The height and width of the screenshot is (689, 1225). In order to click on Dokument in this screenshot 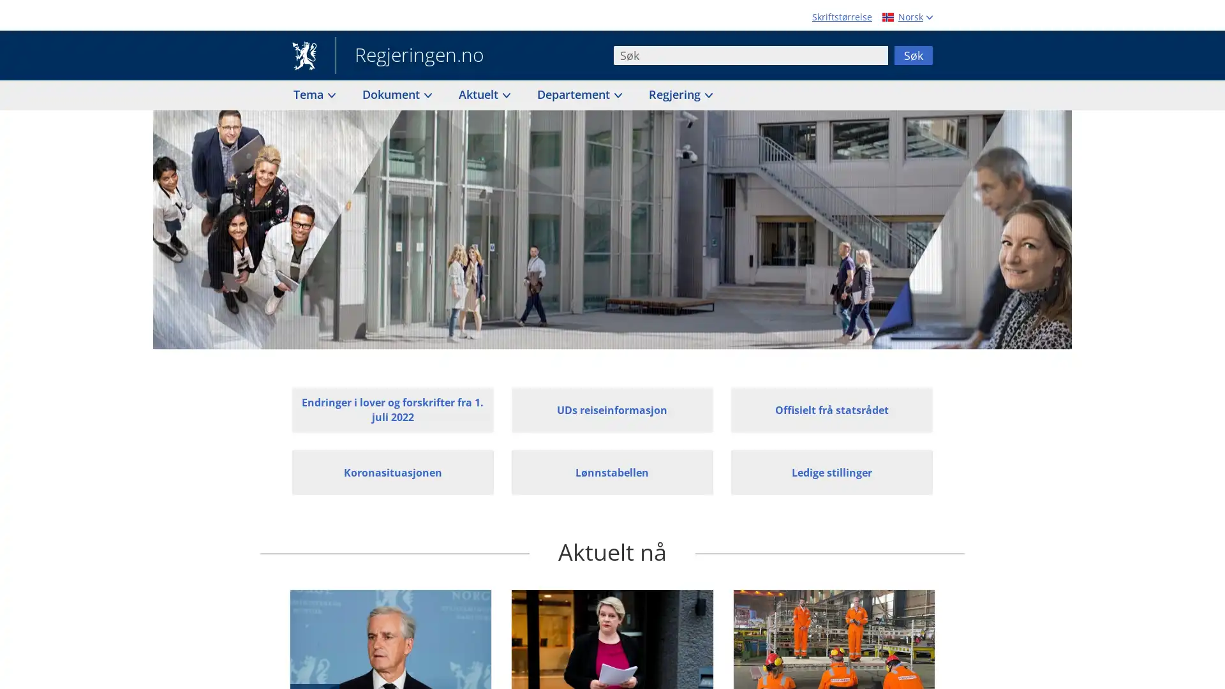, I will do `click(396, 94)`.